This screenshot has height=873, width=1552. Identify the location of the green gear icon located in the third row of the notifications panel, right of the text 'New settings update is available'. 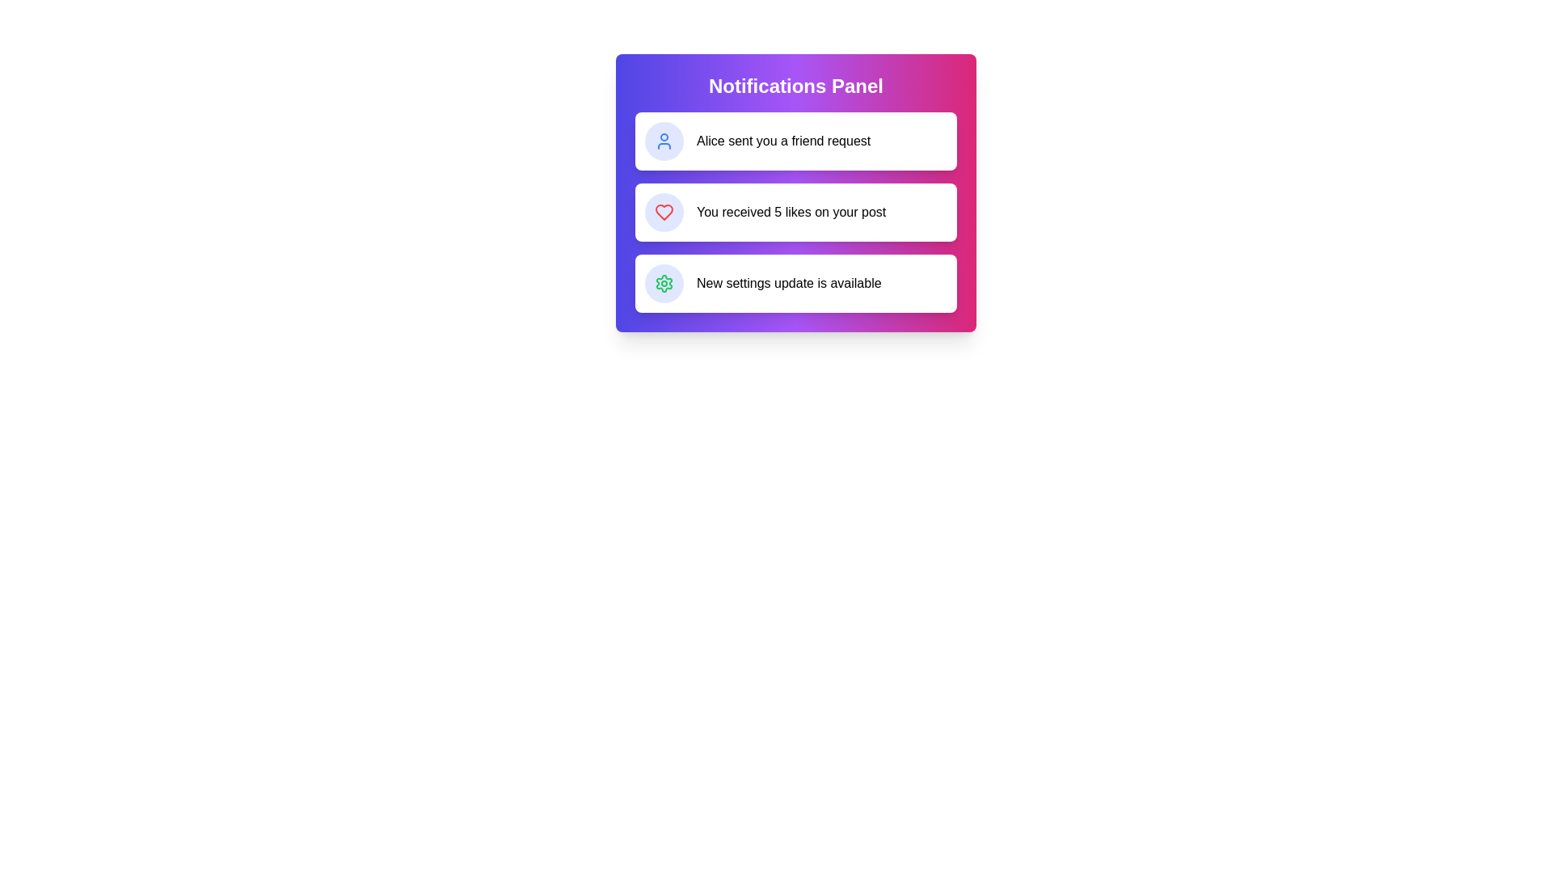
(664, 283).